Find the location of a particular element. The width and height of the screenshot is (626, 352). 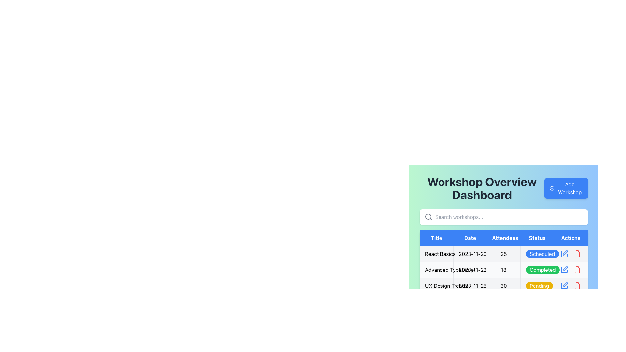

the search icon located within the search bar, which signifies the text field for searching workshops, positioned near the placeholder text 'Search workshops...' is located at coordinates (429, 217).